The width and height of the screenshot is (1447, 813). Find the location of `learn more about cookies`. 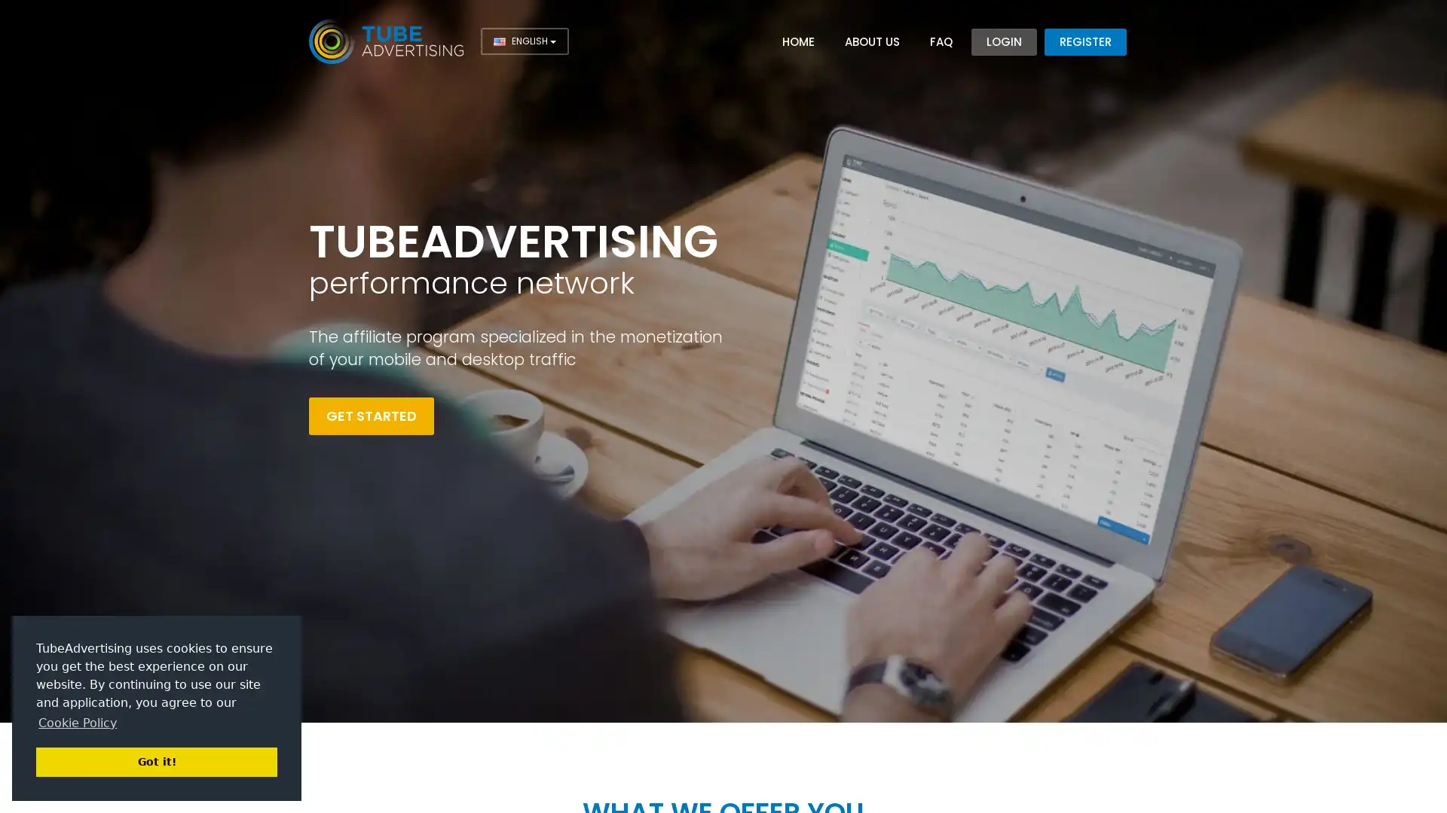

learn more about cookies is located at coordinates (76, 722).